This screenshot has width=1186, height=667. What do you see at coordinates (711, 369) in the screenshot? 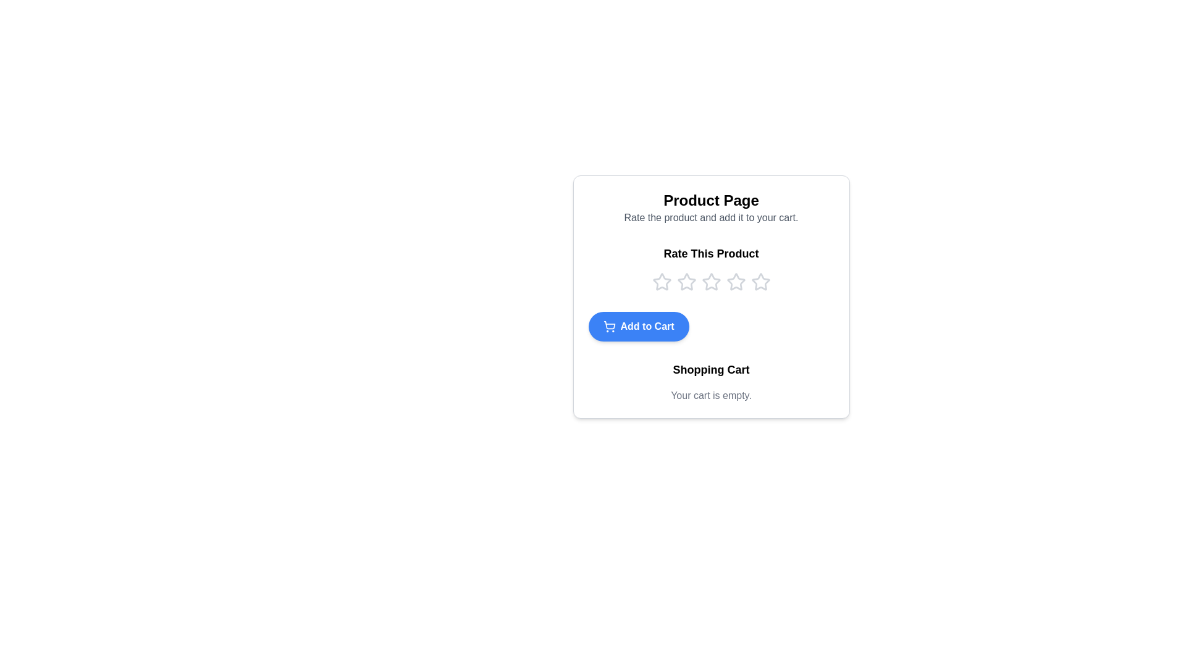
I see `text element that serves as a visual heading for the shopping cart section, located in the central lower portion of the card interface, above the text 'Your cart is empty.'` at bounding box center [711, 369].